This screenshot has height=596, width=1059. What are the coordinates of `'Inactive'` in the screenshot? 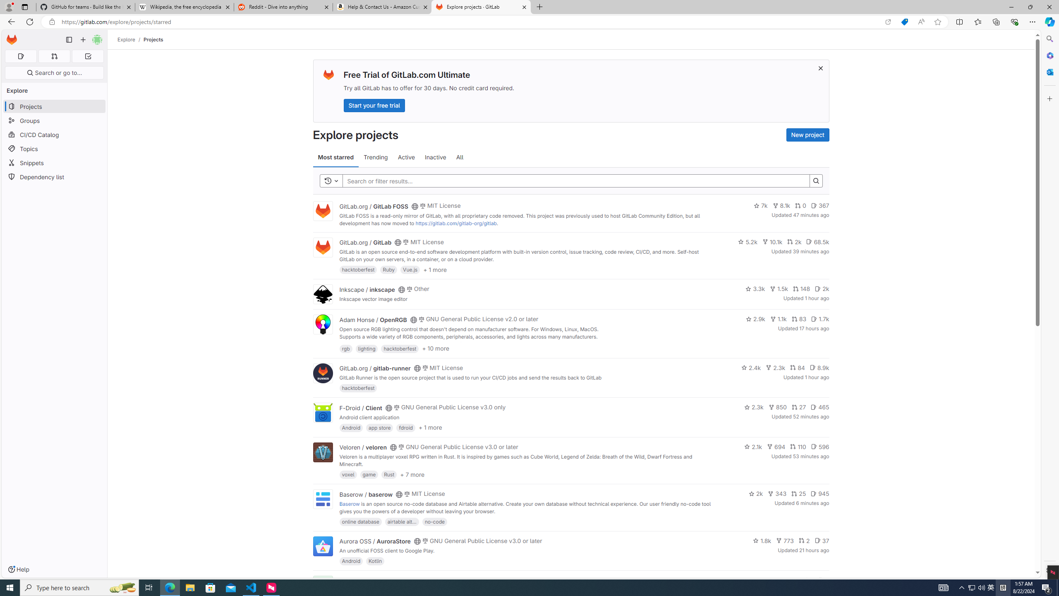 It's located at (435, 157).